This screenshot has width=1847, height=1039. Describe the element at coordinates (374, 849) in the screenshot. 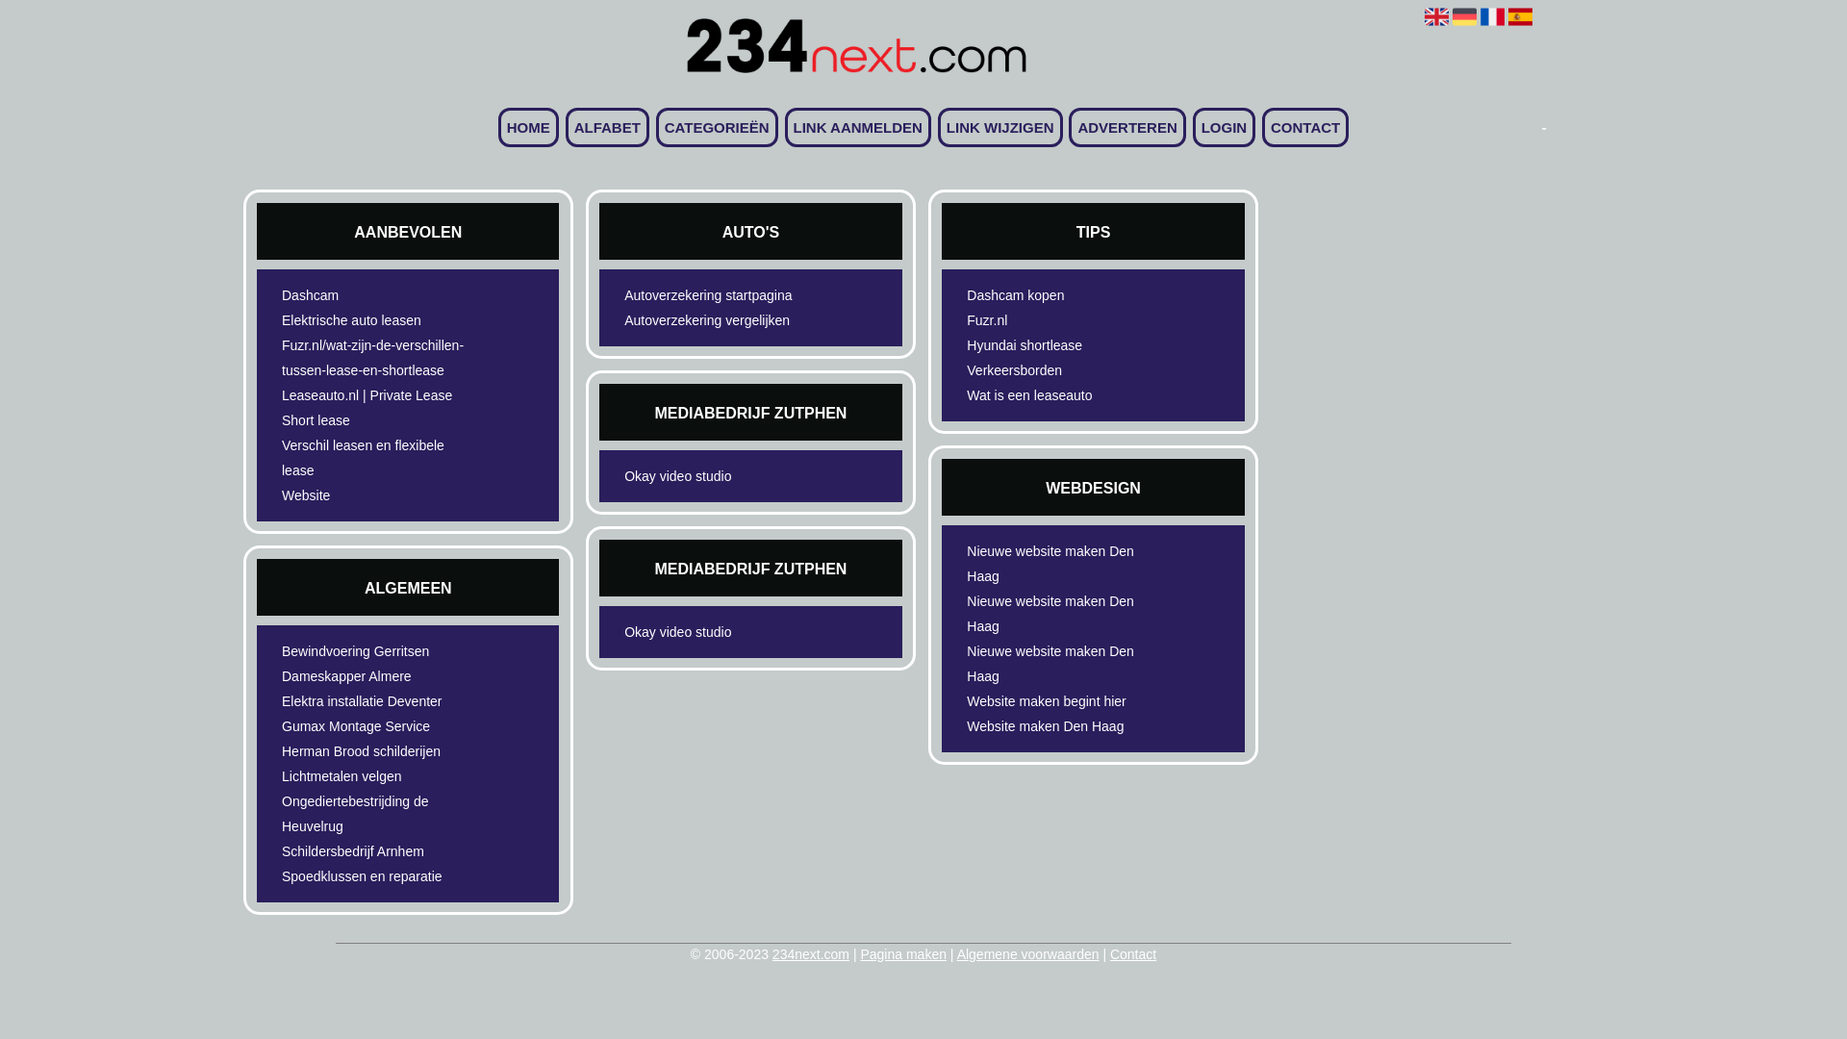

I see `'Schildersbedrijf Arnhem'` at that location.